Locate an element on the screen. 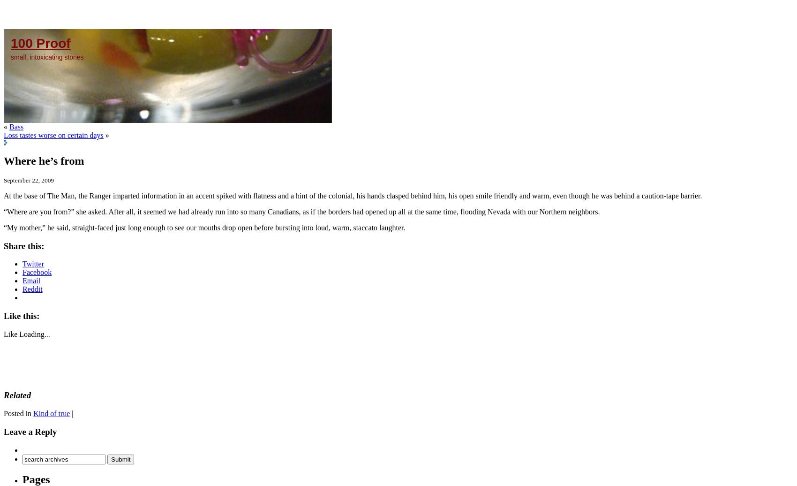 The image size is (797, 486). 'Loss tastes worse on certain days' is located at coordinates (53, 135).